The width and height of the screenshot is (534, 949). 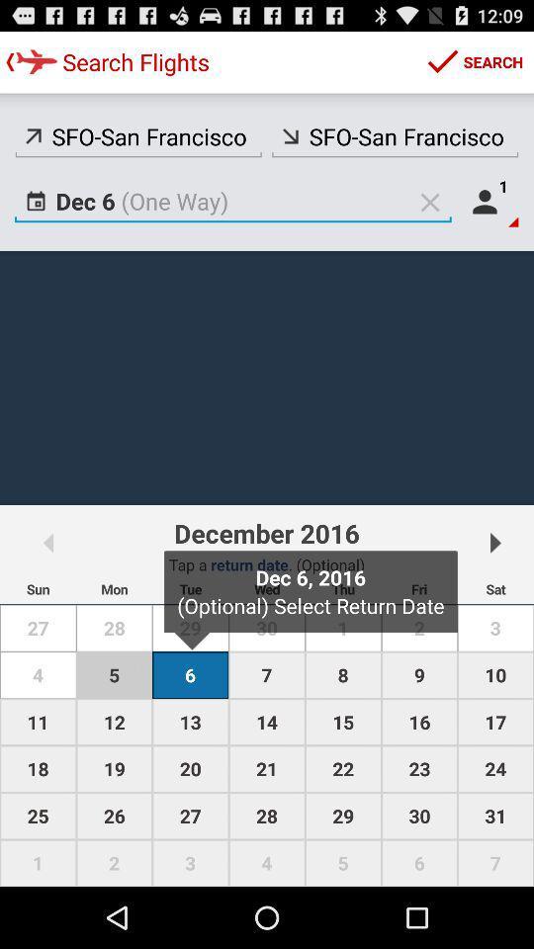 I want to click on the close icon, so click(x=429, y=216).